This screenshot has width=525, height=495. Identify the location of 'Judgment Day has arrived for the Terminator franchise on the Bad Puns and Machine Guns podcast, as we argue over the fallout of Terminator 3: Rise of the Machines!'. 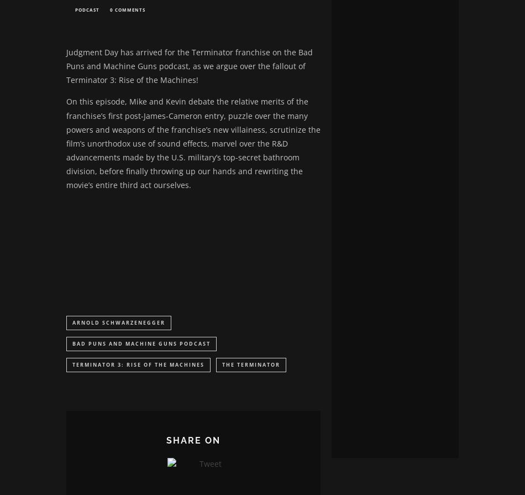
(189, 67).